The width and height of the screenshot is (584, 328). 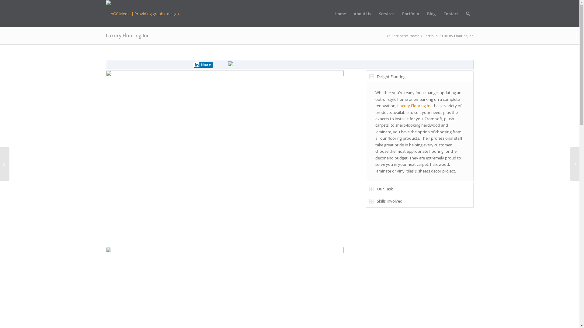 I want to click on 'About Us', so click(x=362, y=14).